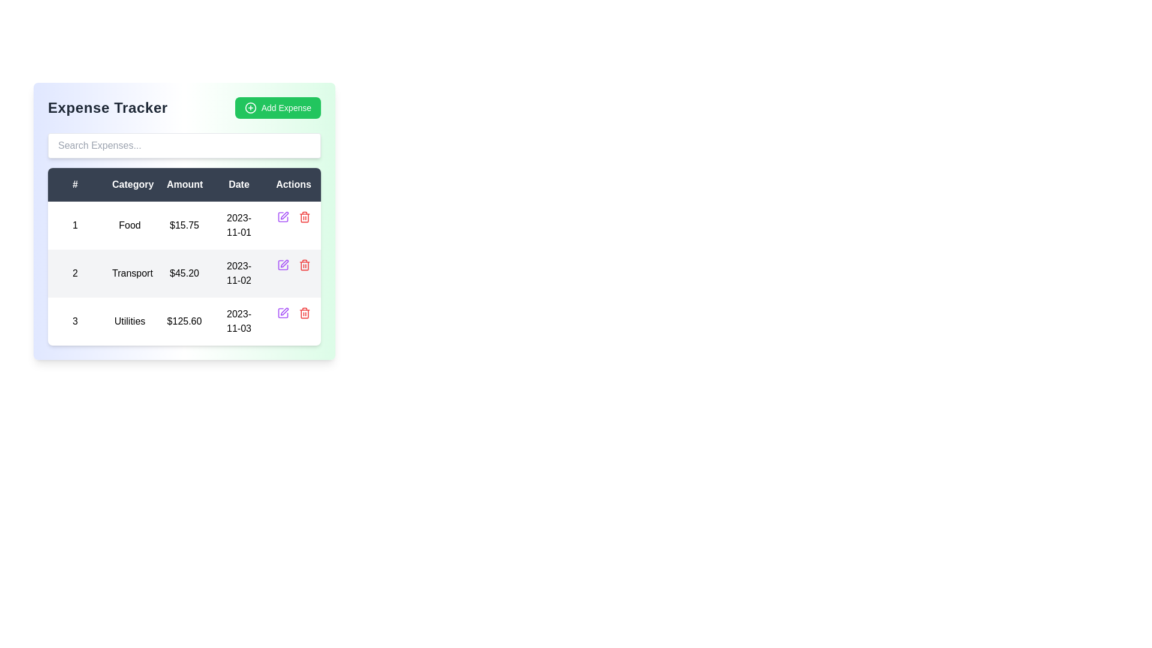  What do you see at coordinates (184, 321) in the screenshot?
I see `the Text display showing the amount '$125.60' in the third row of the table under the 'Amount' column` at bounding box center [184, 321].